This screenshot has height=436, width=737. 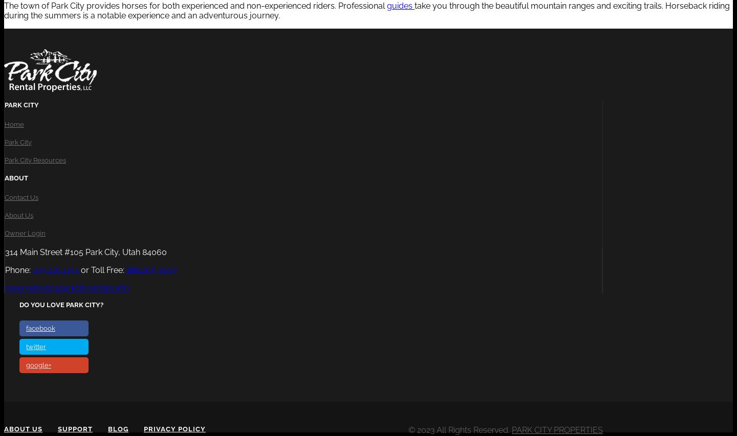 I want to click on 'About Us', so click(x=18, y=214).